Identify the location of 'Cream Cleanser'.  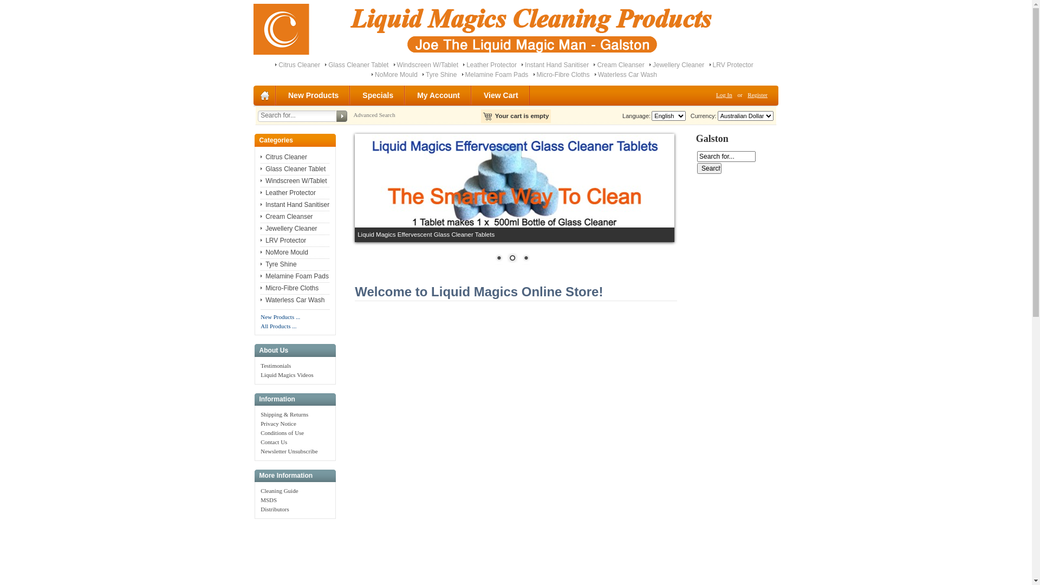
(593, 64).